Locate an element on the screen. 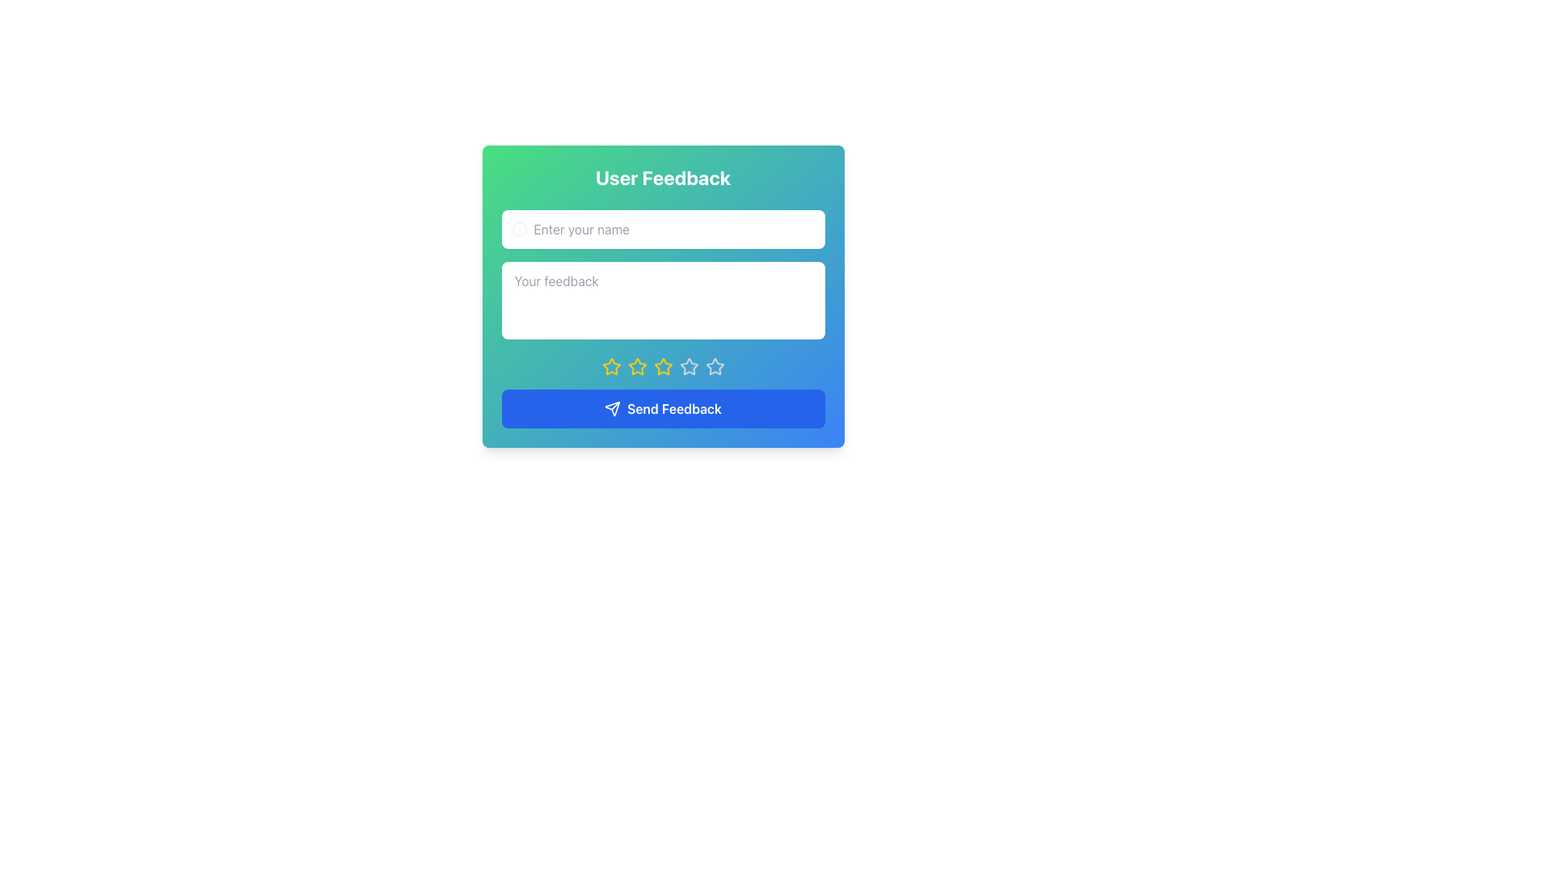 The width and height of the screenshot is (1552, 873). the third star icon in the rating system to set a rating of 3 out of 5 in the feedback form is located at coordinates (636, 367).